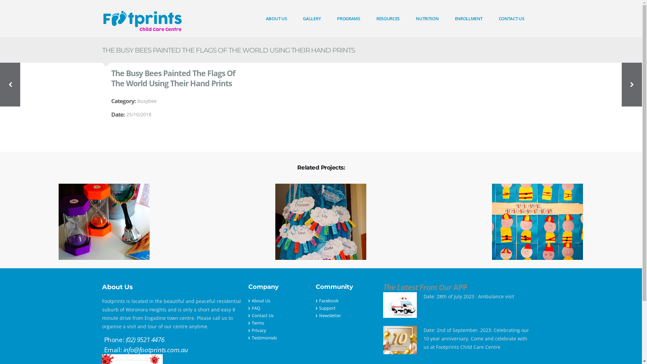 This screenshot has width=647, height=364. I want to click on 'Terms', so click(251, 322).